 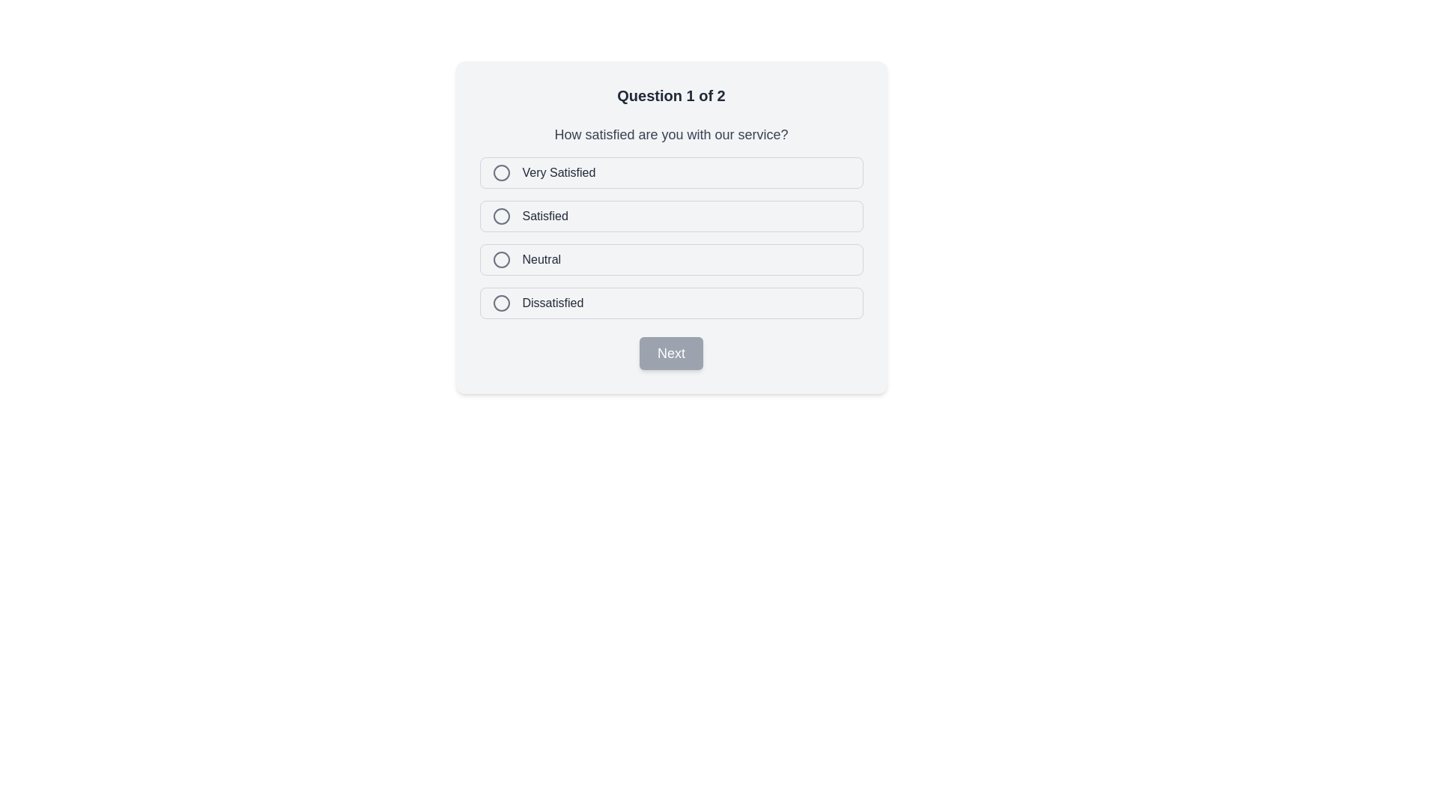 What do you see at coordinates (501, 172) in the screenshot?
I see `the 'Very Satisfied' radio button in the survey` at bounding box center [501, 172].